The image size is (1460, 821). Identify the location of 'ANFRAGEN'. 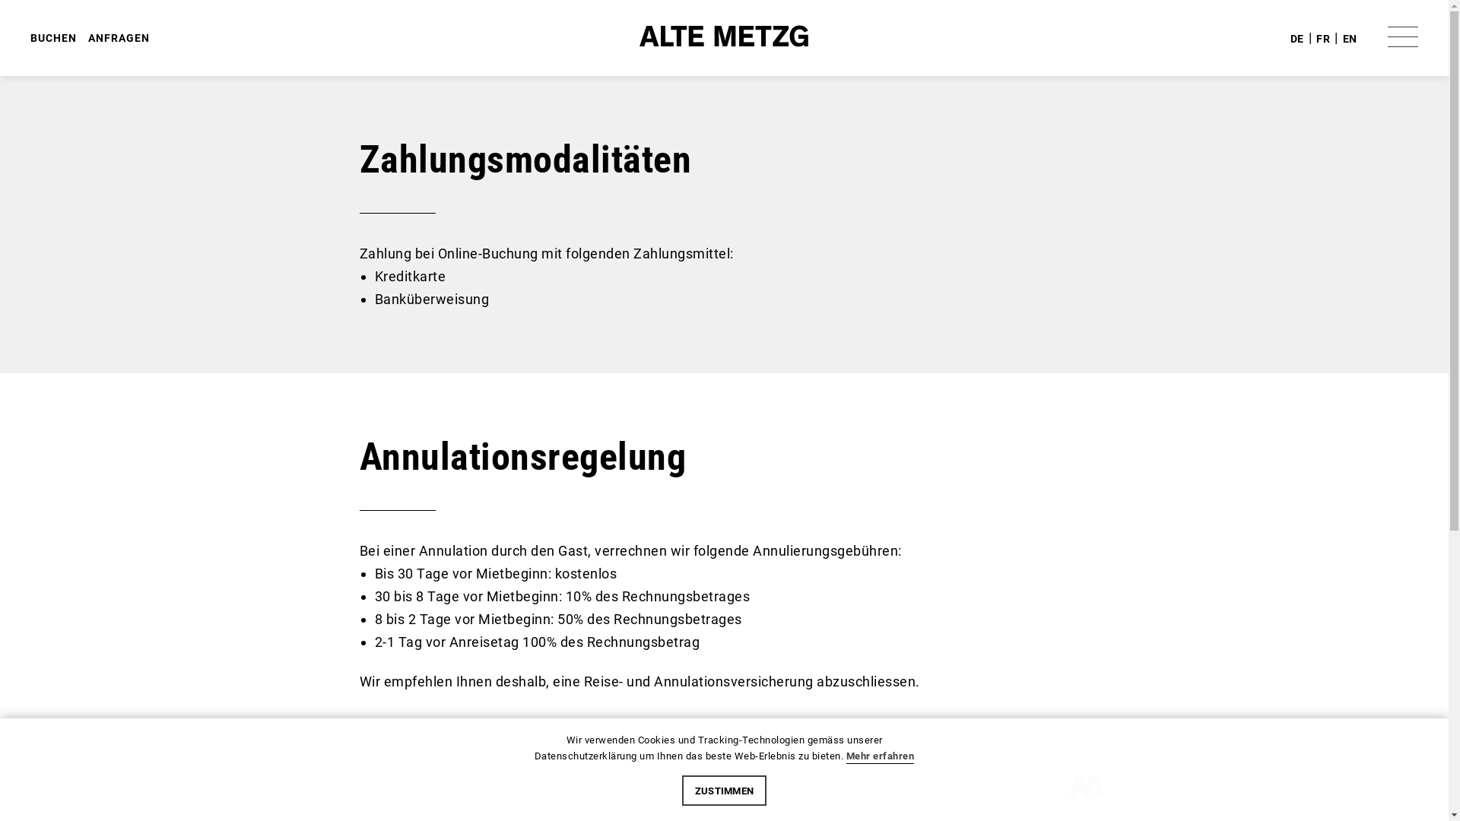
(87, 37).